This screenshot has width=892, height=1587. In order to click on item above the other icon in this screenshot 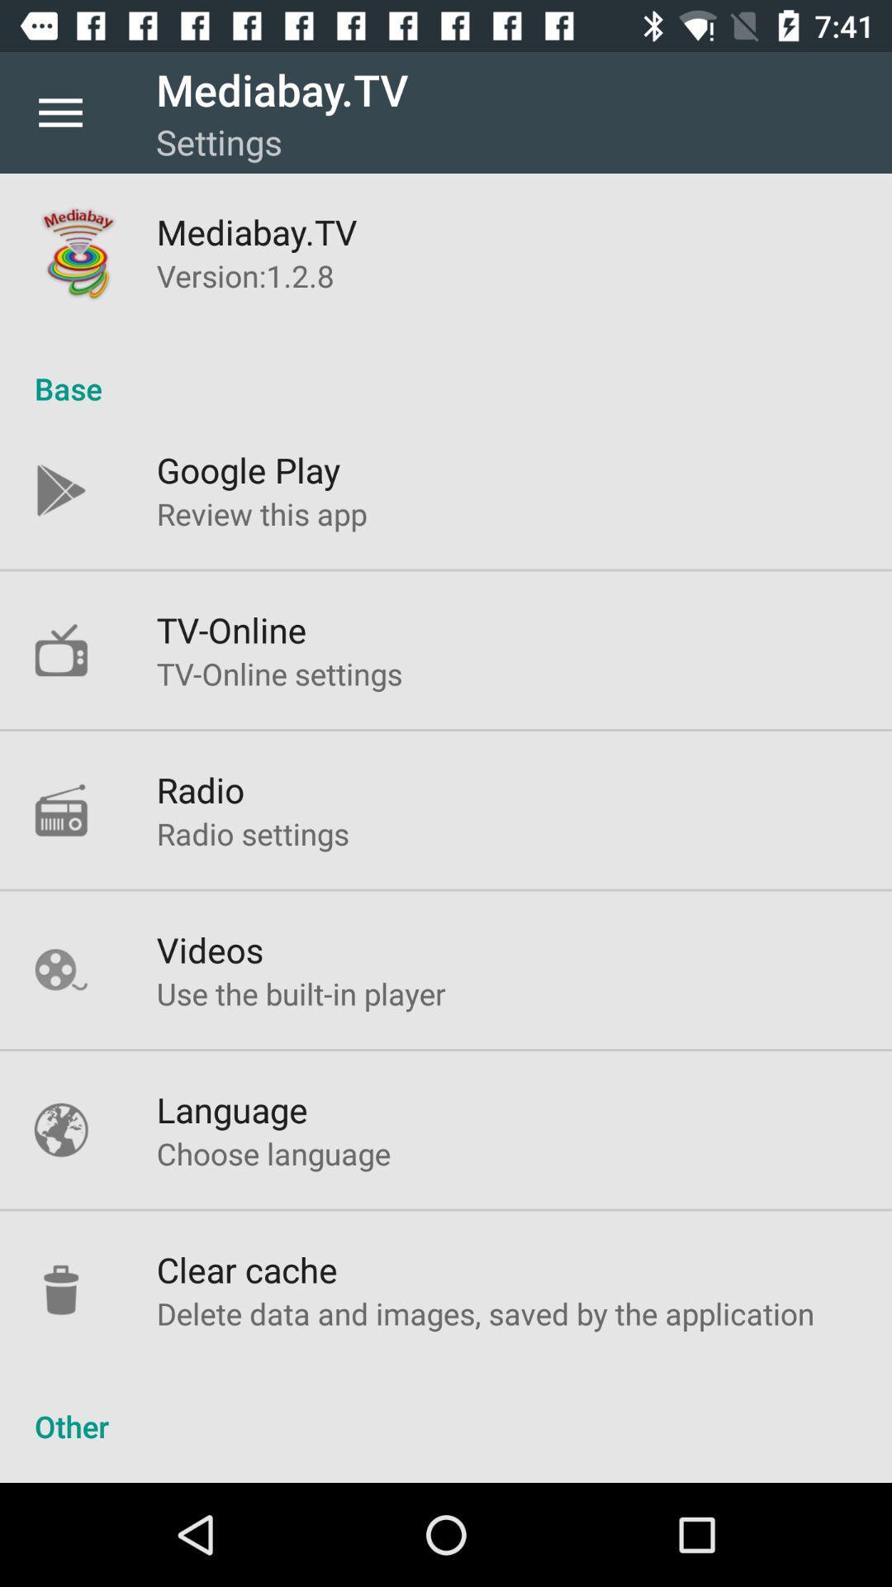, I will do `click(484, 1313)`.